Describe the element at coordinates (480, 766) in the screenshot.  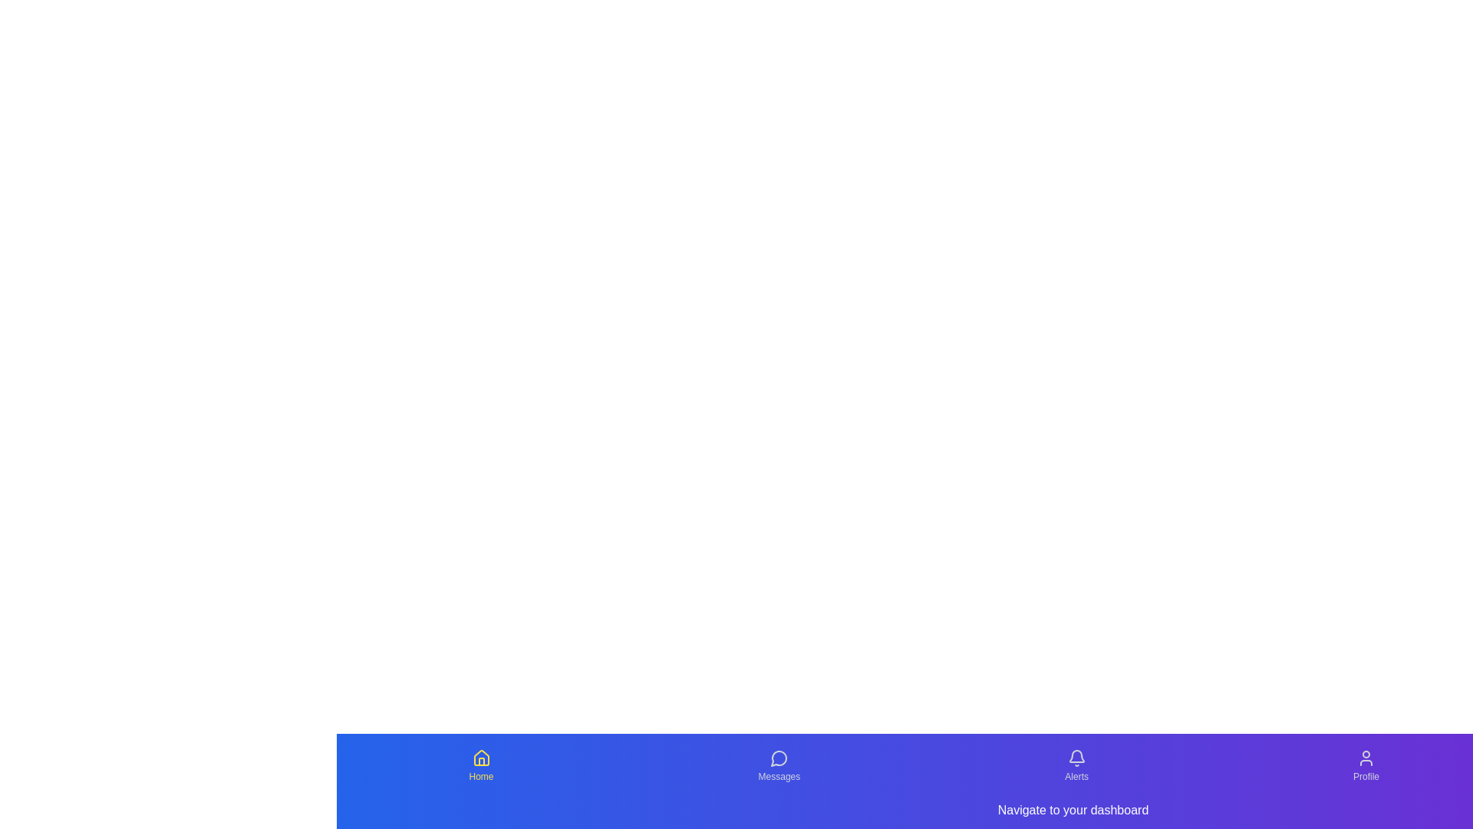
I see `the Home tab to observe its hover effect` at that location.